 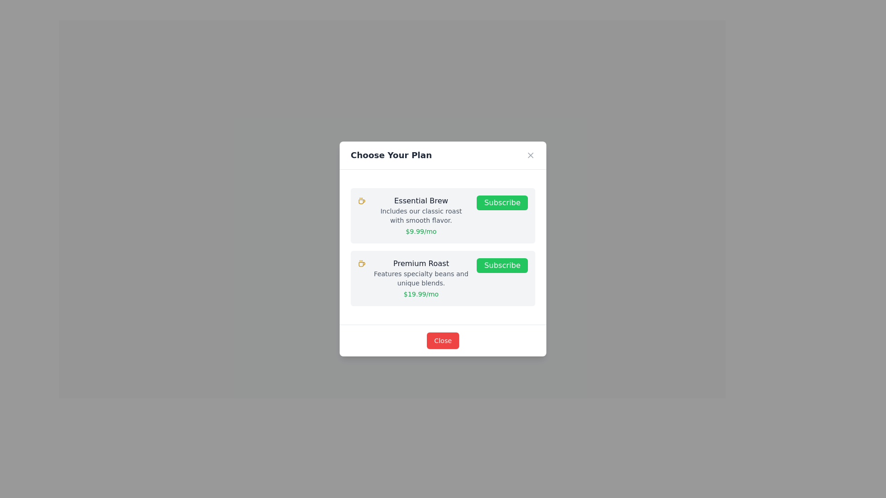 What do you see at coordinates (361, 200) in the screenshot?
I see `the icon representing the 'Essential Brew' subscription plan, located at the top-left portion of its card, adjacent to the text introducing the plan` at bounding box center [361, 200].